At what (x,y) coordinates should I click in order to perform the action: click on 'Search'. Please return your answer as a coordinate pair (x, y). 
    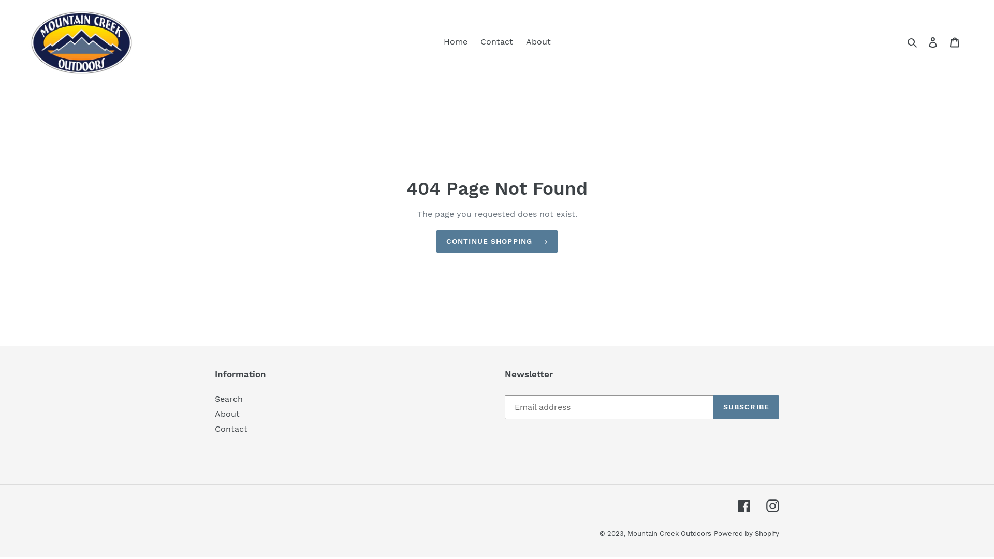
    Looking at the image, I should click on (228, 398).